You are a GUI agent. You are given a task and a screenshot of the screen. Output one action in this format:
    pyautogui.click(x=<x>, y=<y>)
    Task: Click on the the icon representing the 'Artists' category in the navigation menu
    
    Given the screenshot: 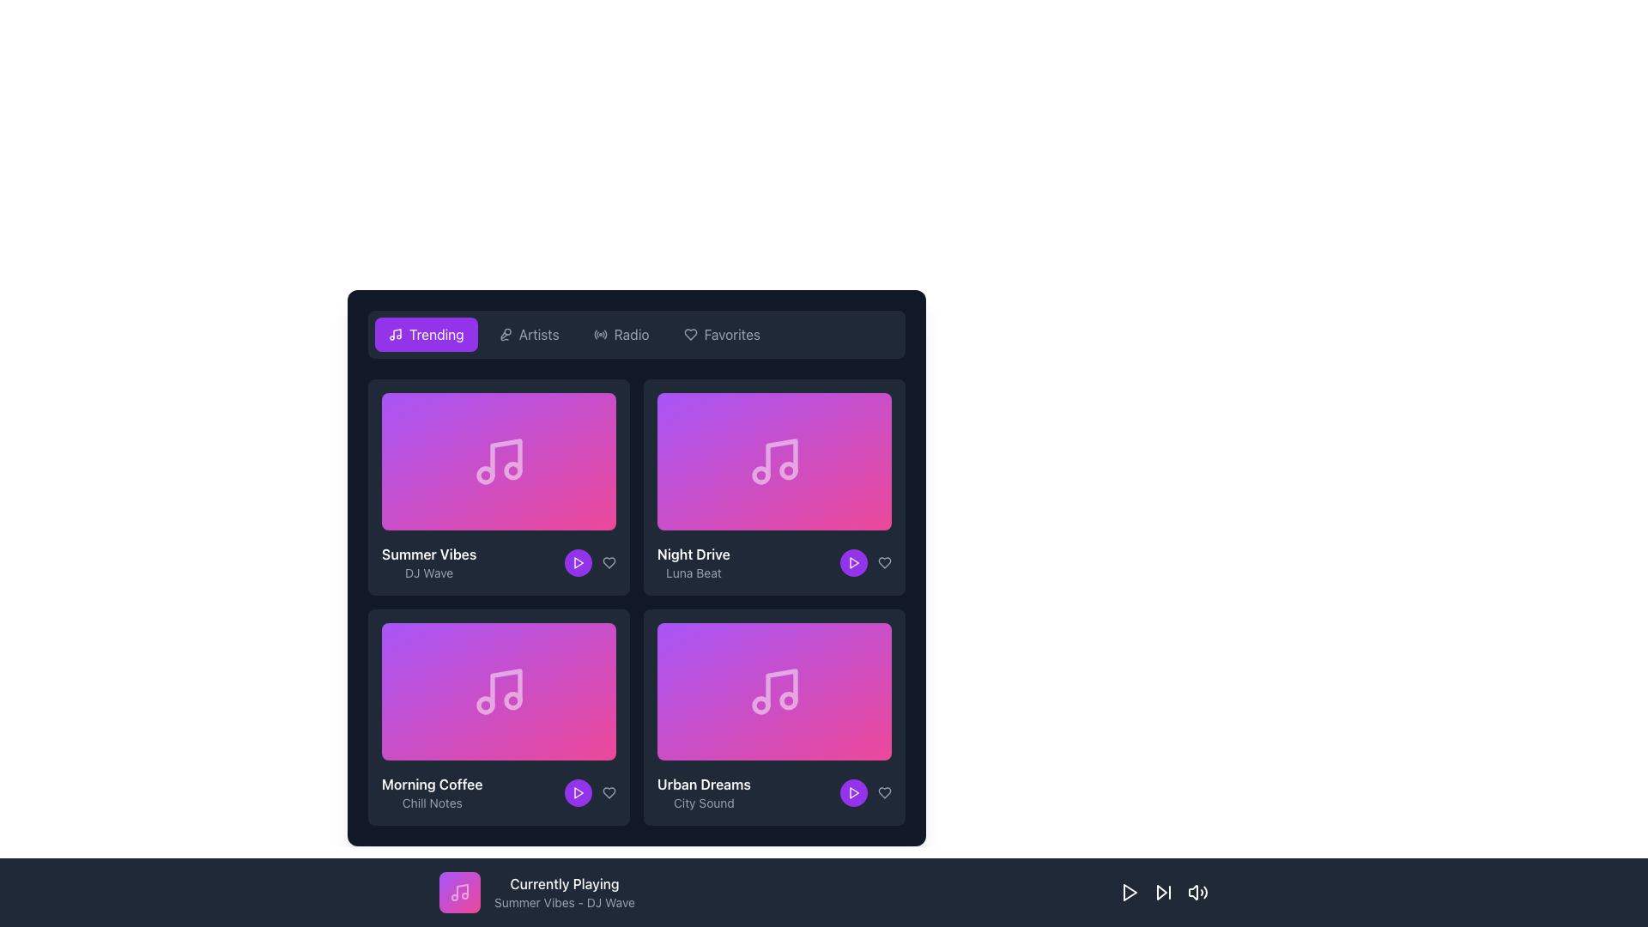 What is the action you would take?
    pyautogui.click(x=504, y=334)
    